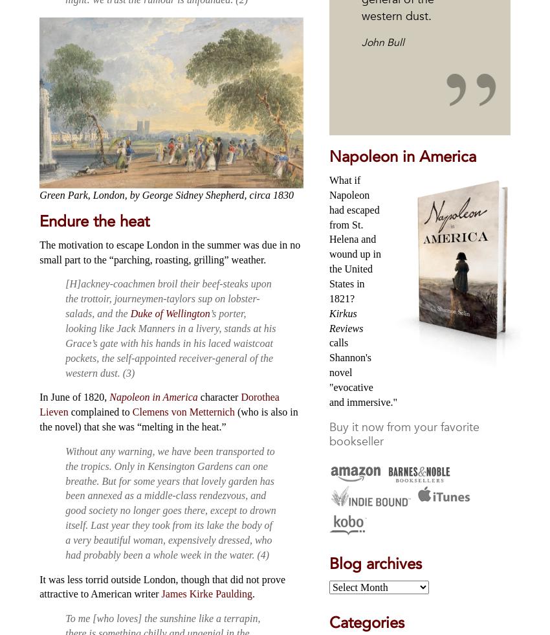 The width and height of the screenshot is (550, 635). I want to click on 'Buy it now from your favorite bookseller', so click(402, 433).